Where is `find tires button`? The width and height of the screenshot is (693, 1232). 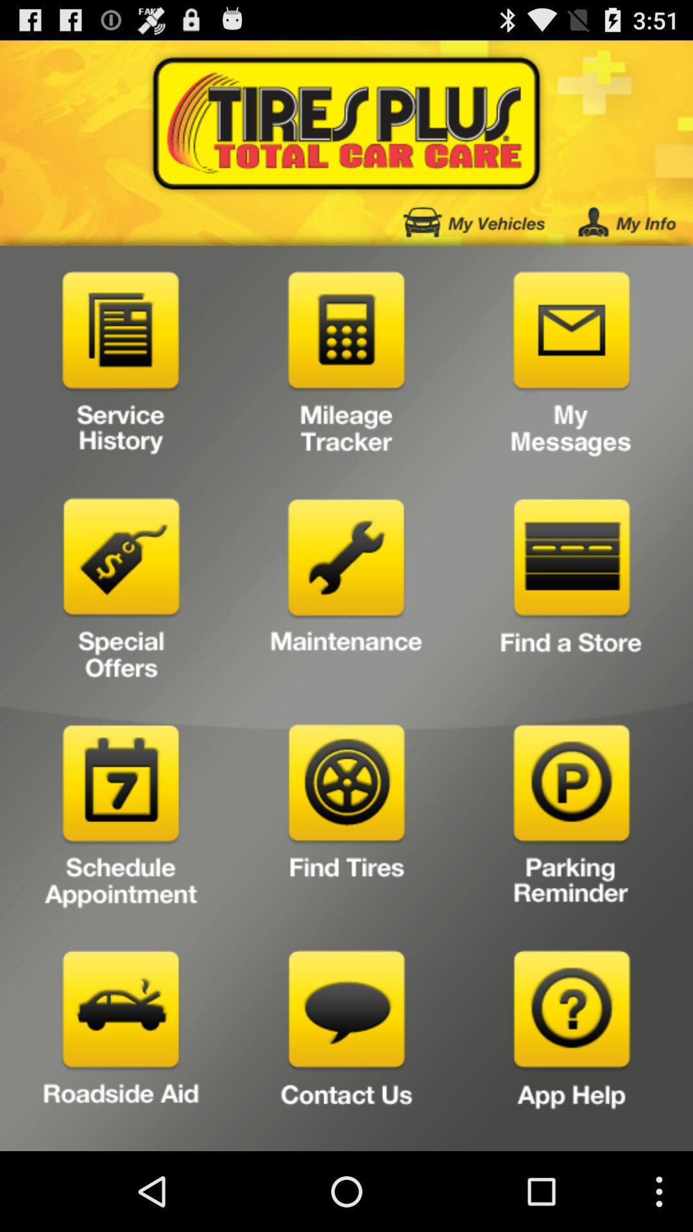 find tires button is located at coordinates (346, 819).